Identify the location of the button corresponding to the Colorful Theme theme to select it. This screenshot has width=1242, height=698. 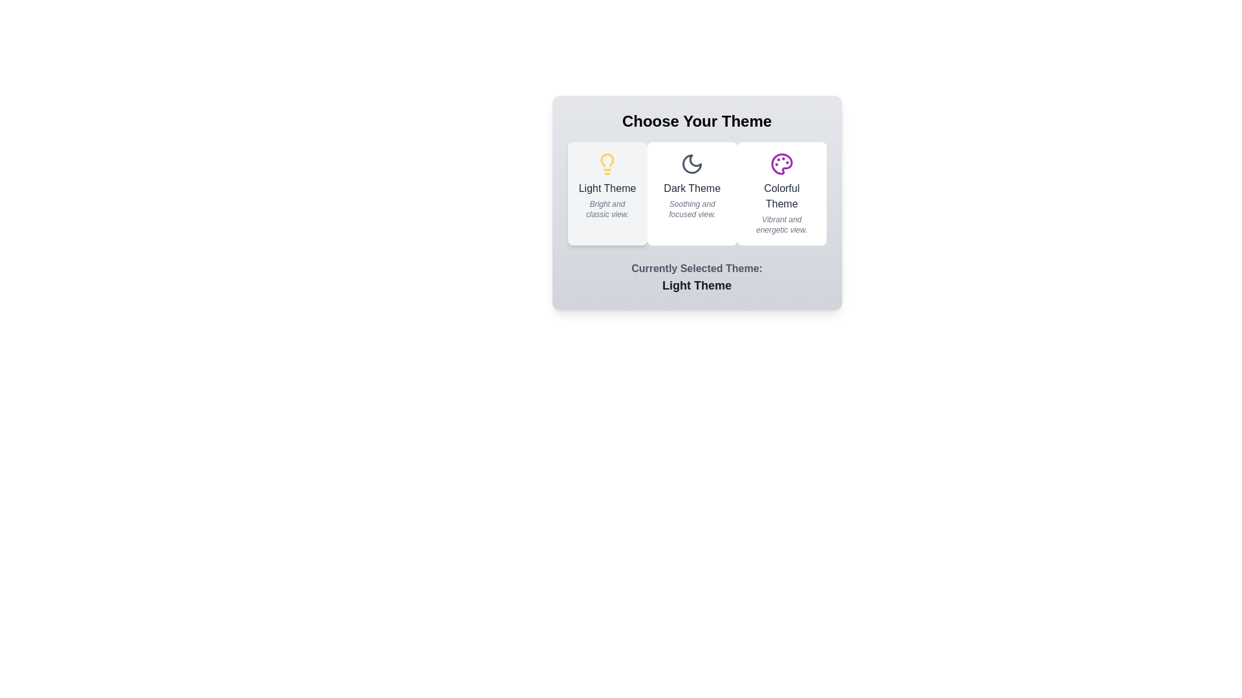
(781, 194).